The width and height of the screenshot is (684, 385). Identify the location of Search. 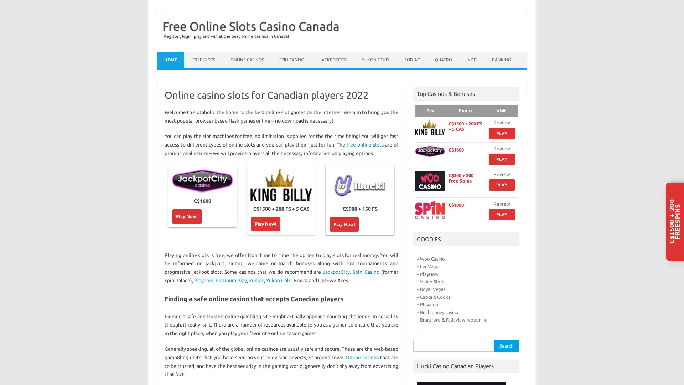
(506, 345).